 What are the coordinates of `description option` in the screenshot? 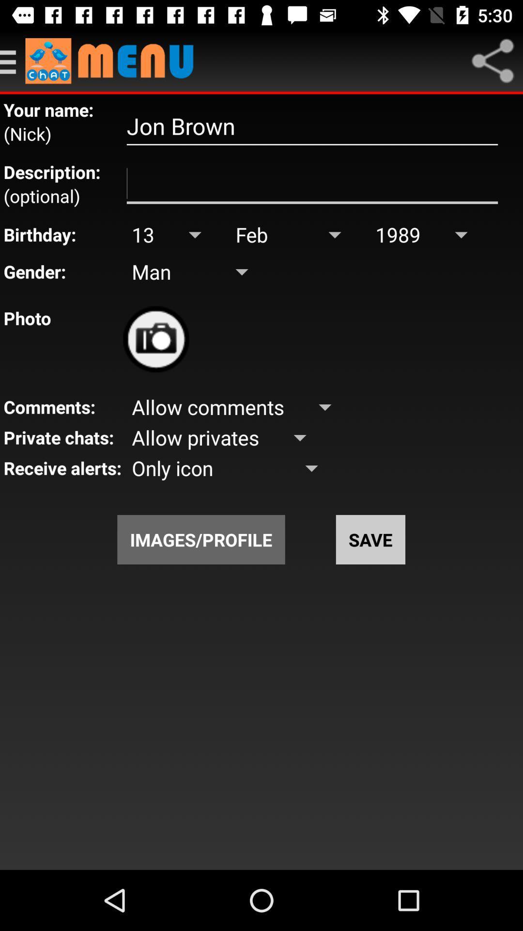 It's located at (312, 184).